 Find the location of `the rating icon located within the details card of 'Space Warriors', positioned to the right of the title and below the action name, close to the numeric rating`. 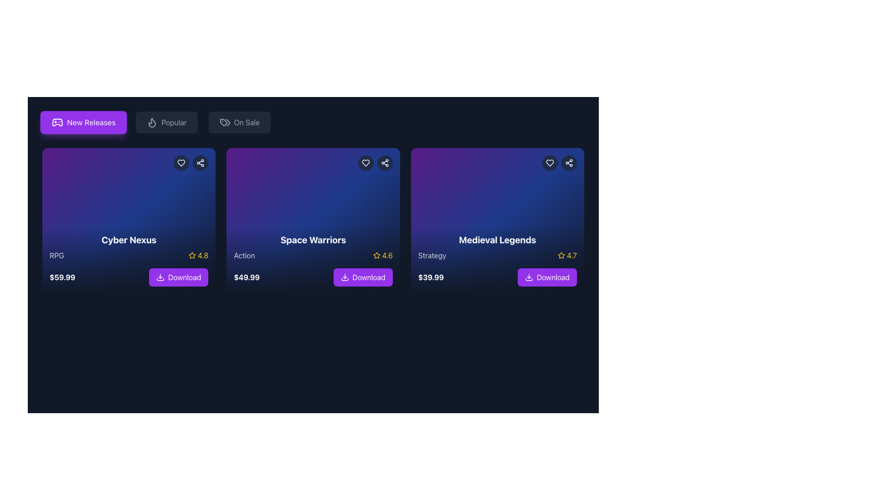

the rating icon located within the details card of 'Space Warriors', positioned to the right of the title and below the action name, close to the numeric rating is located at coordinates (376, 255).